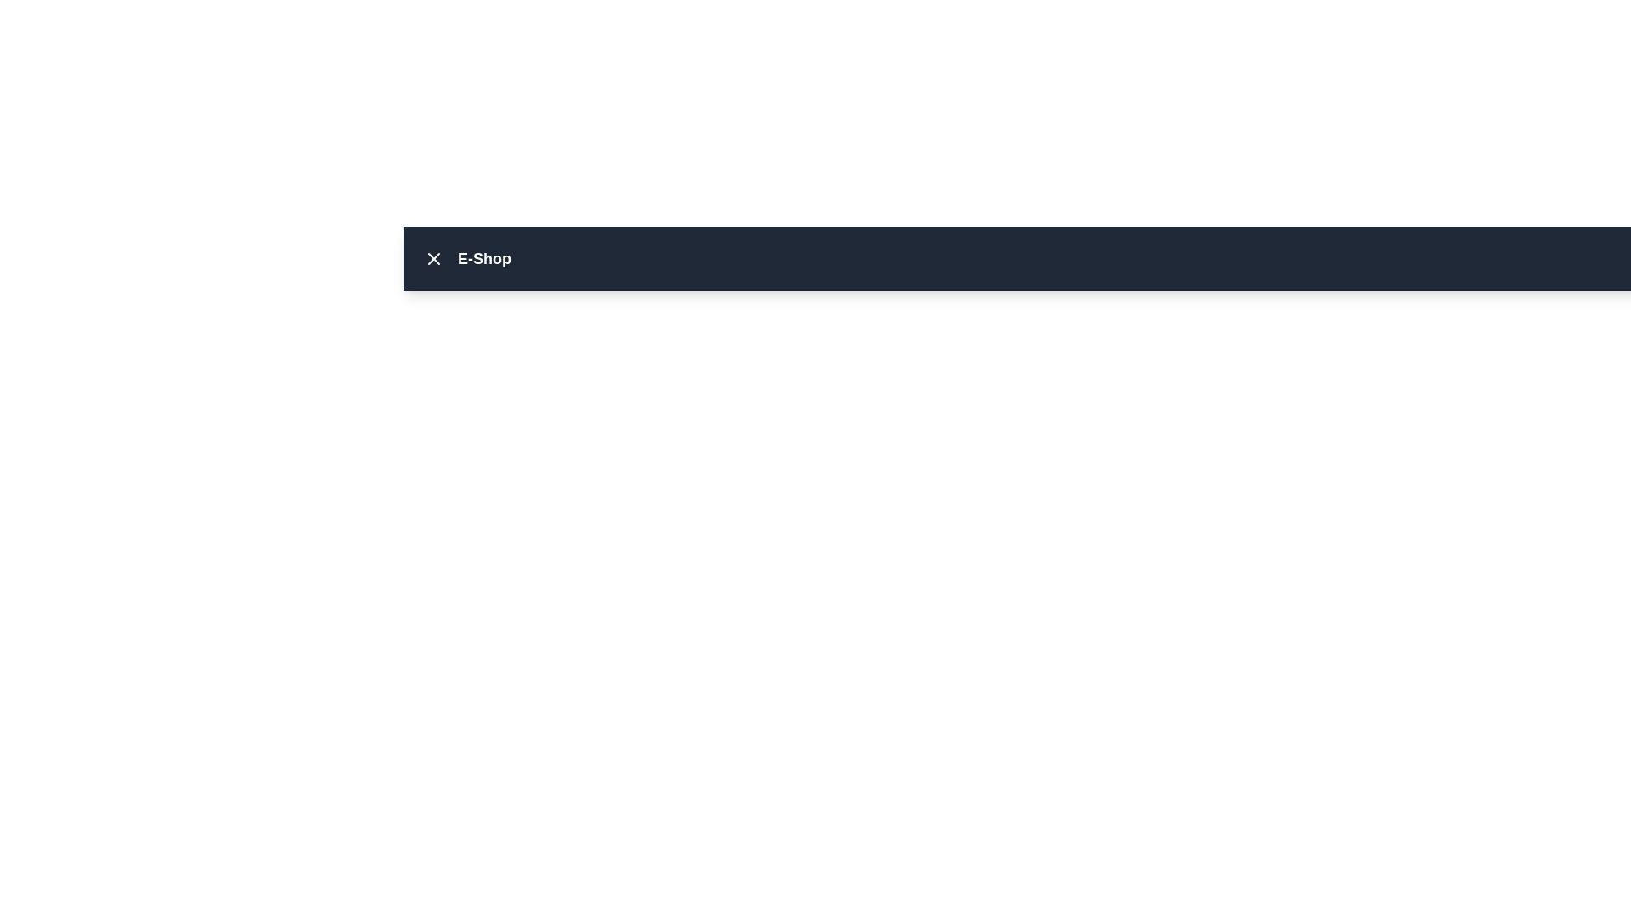 This screenshot has width=1631, height=917. What do you see at coordinates (433, 258) in the screenshot?
I see `the compact square-shaped button with a dark background and a white 'X' symbol, located on the left side of the navigation bar` at bounding box center [433, 258].